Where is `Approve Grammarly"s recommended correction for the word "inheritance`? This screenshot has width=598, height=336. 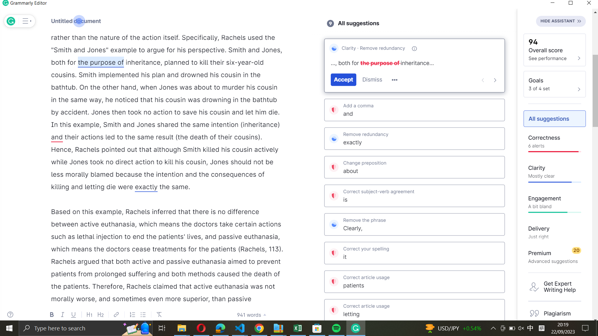 Approve Grammarly"s recommended correction for the word "inheritance is located at coordinates (143, 62).